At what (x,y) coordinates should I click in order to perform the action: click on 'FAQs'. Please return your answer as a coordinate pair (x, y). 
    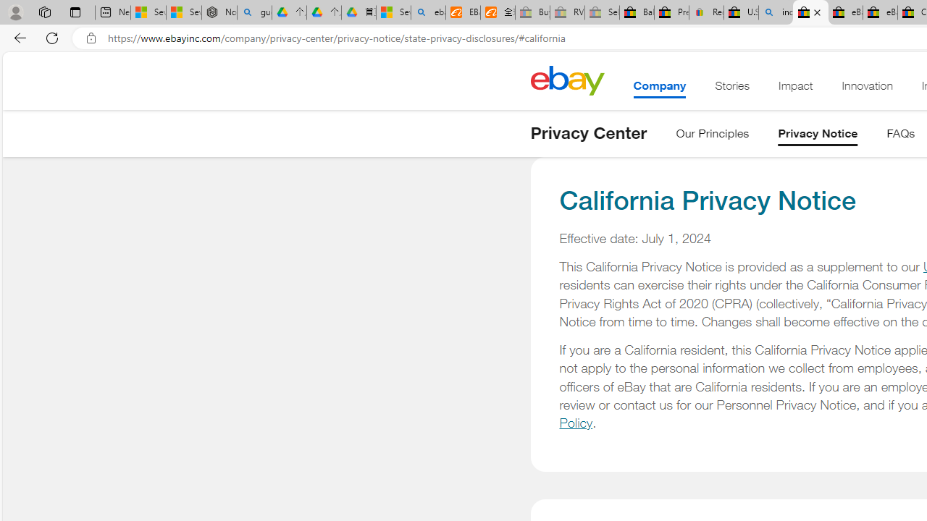
    Looking at the image, I should click on (900, 136).